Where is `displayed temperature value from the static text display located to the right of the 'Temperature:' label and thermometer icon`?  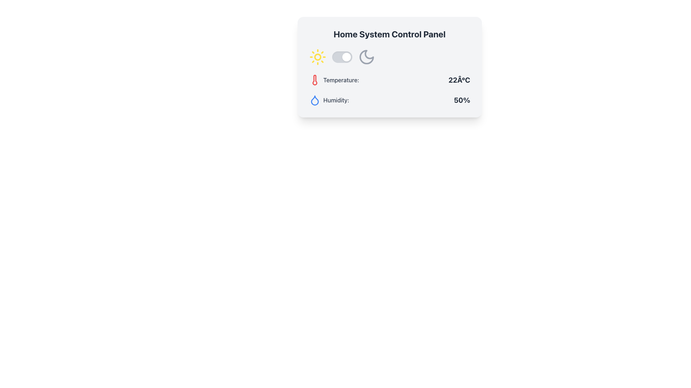 displayed temperature value from the static text display located to the right of the 'Temperature:' label and thermometer icon is located at coordinates (459, 80).